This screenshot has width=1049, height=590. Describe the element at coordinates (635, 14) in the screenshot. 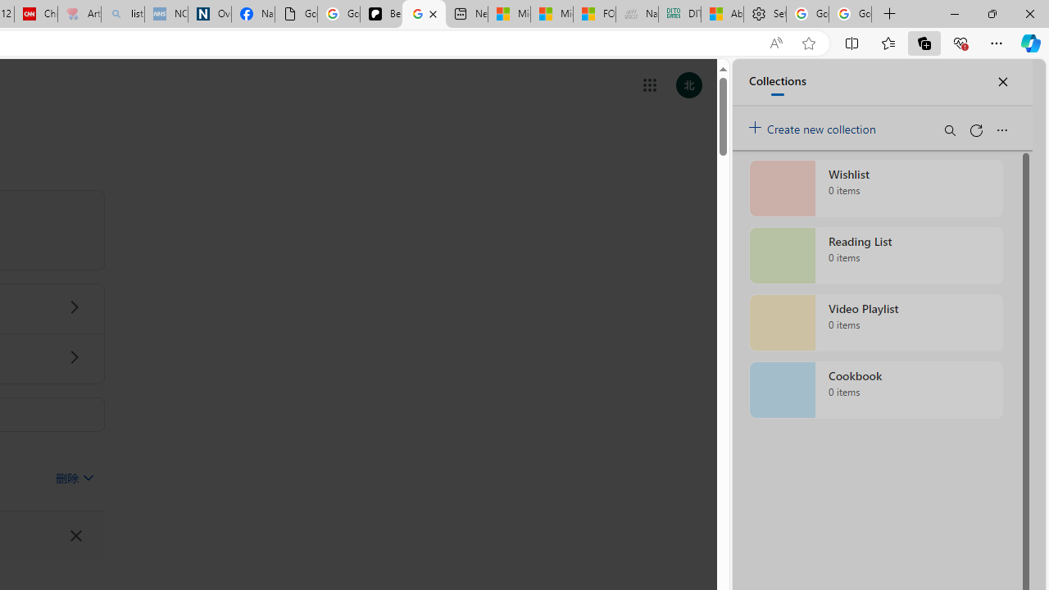

I see `'Navy Quest'` at that location.